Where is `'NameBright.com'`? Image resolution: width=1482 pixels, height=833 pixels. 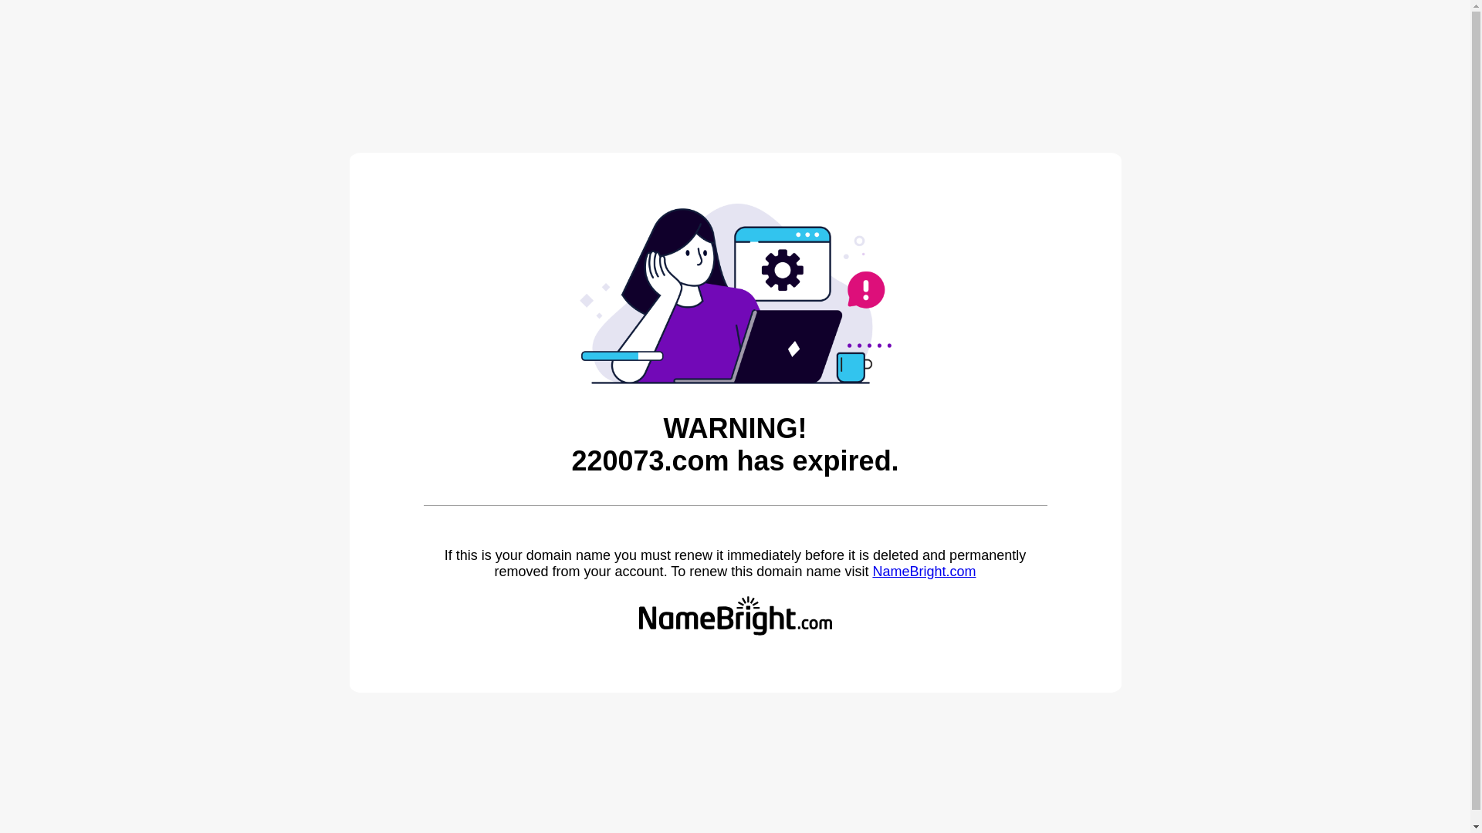 'NameBright.com' is located at coordinates (923, 571).